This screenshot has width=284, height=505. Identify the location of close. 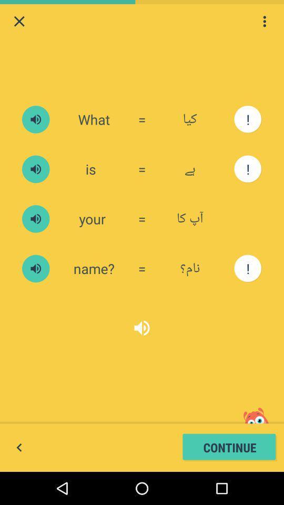
(19, 21).